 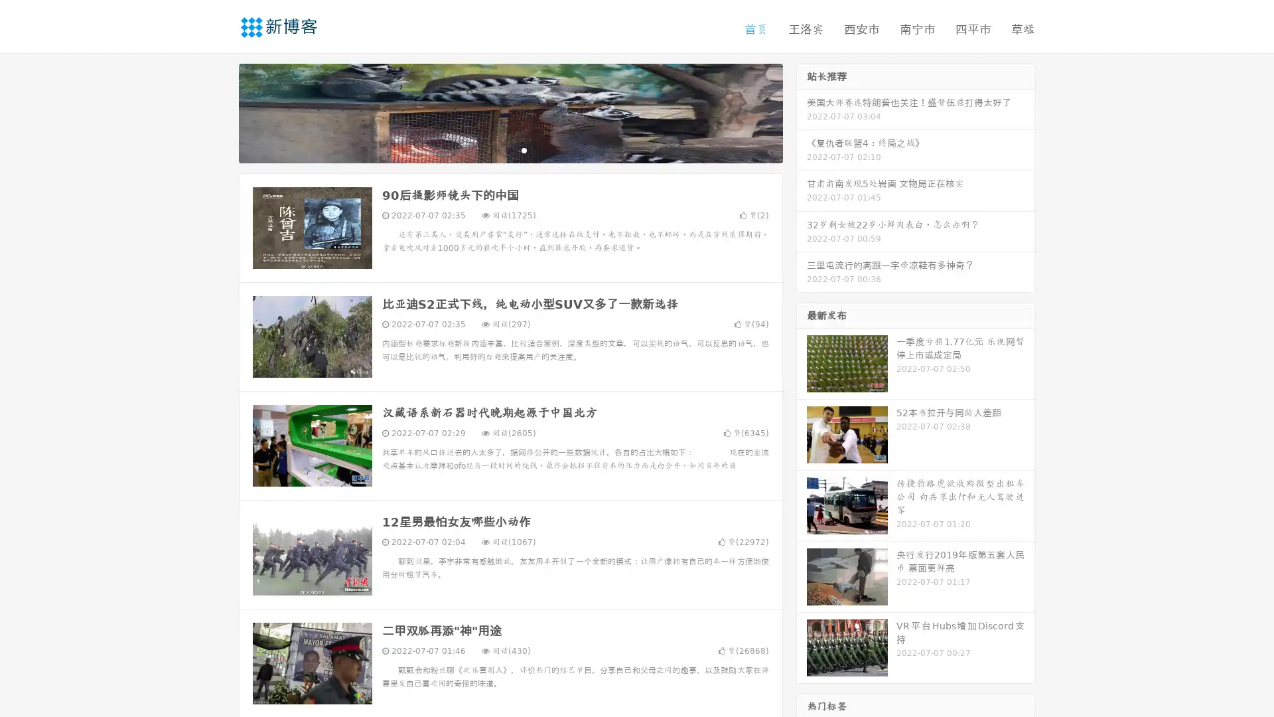 I want to click on Previous slide, so click(x=219, y=112).